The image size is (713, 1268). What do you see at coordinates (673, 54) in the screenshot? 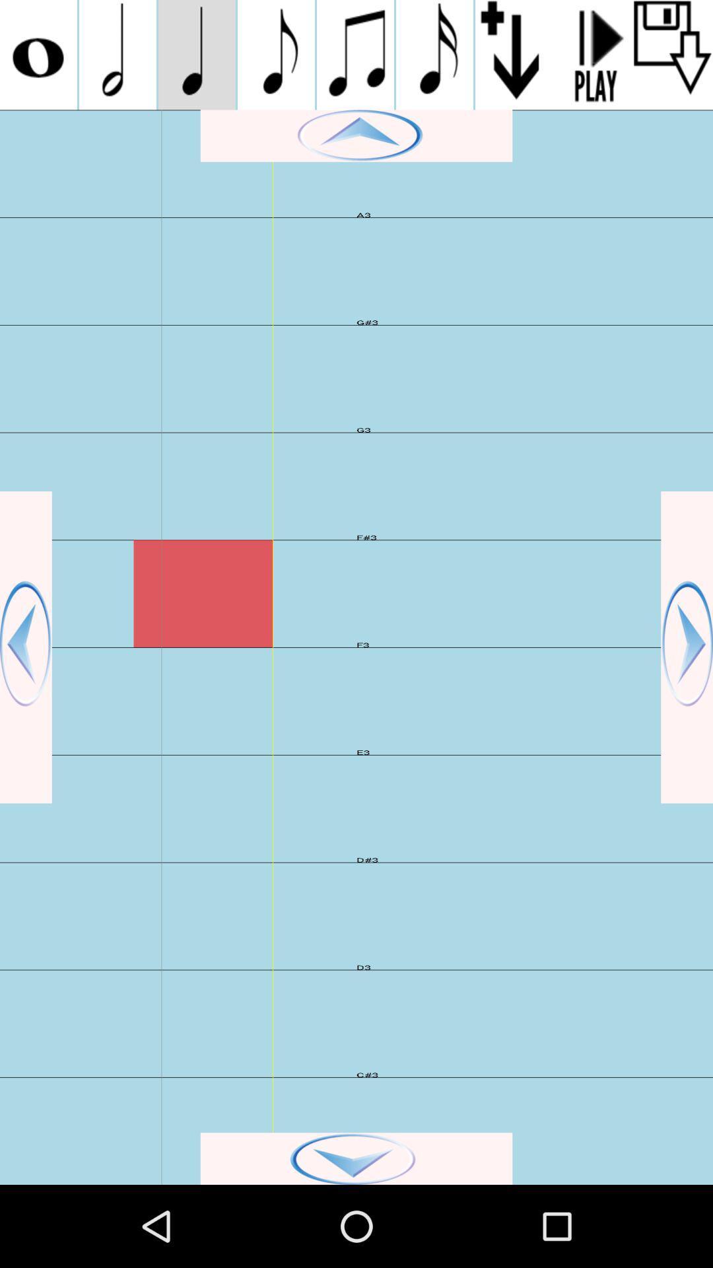
I see `download` at bounding box center [673, 54].